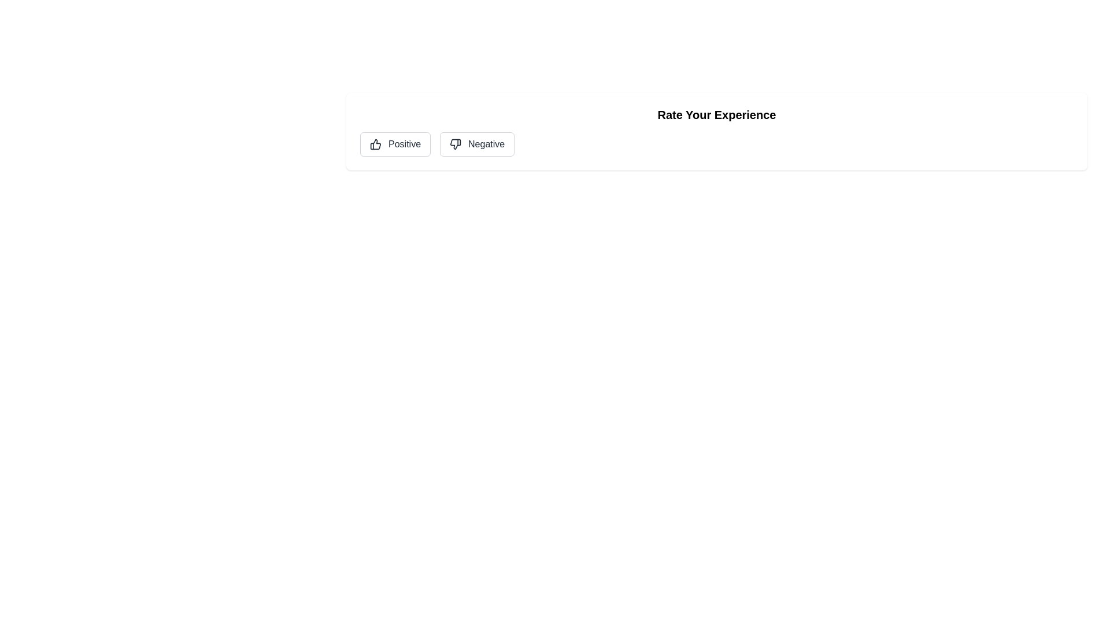 The height and width of the screenshot is (624, 1110). Describe the element at coordinates (477, 144) in the screenshot. I see `'Negative' button to select it` at that location.